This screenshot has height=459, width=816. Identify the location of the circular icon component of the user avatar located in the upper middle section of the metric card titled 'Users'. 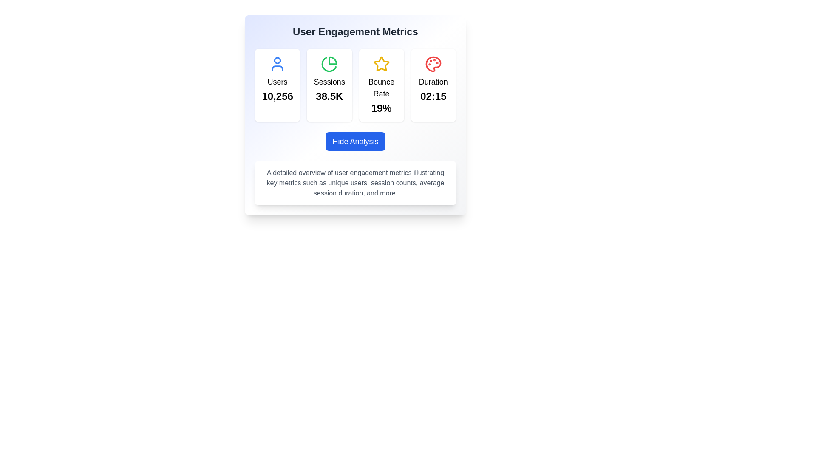
(278, 60).